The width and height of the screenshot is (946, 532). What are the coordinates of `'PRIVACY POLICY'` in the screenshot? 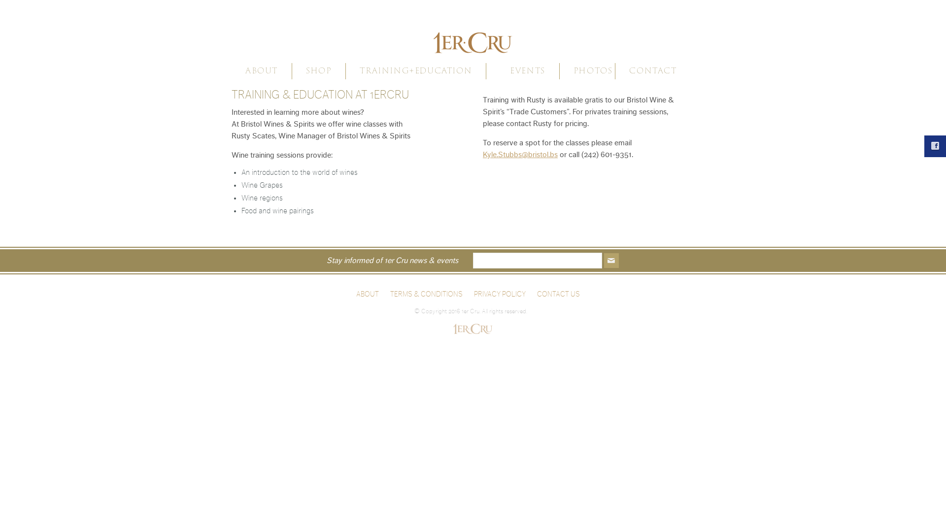 It's located at (500, 294).